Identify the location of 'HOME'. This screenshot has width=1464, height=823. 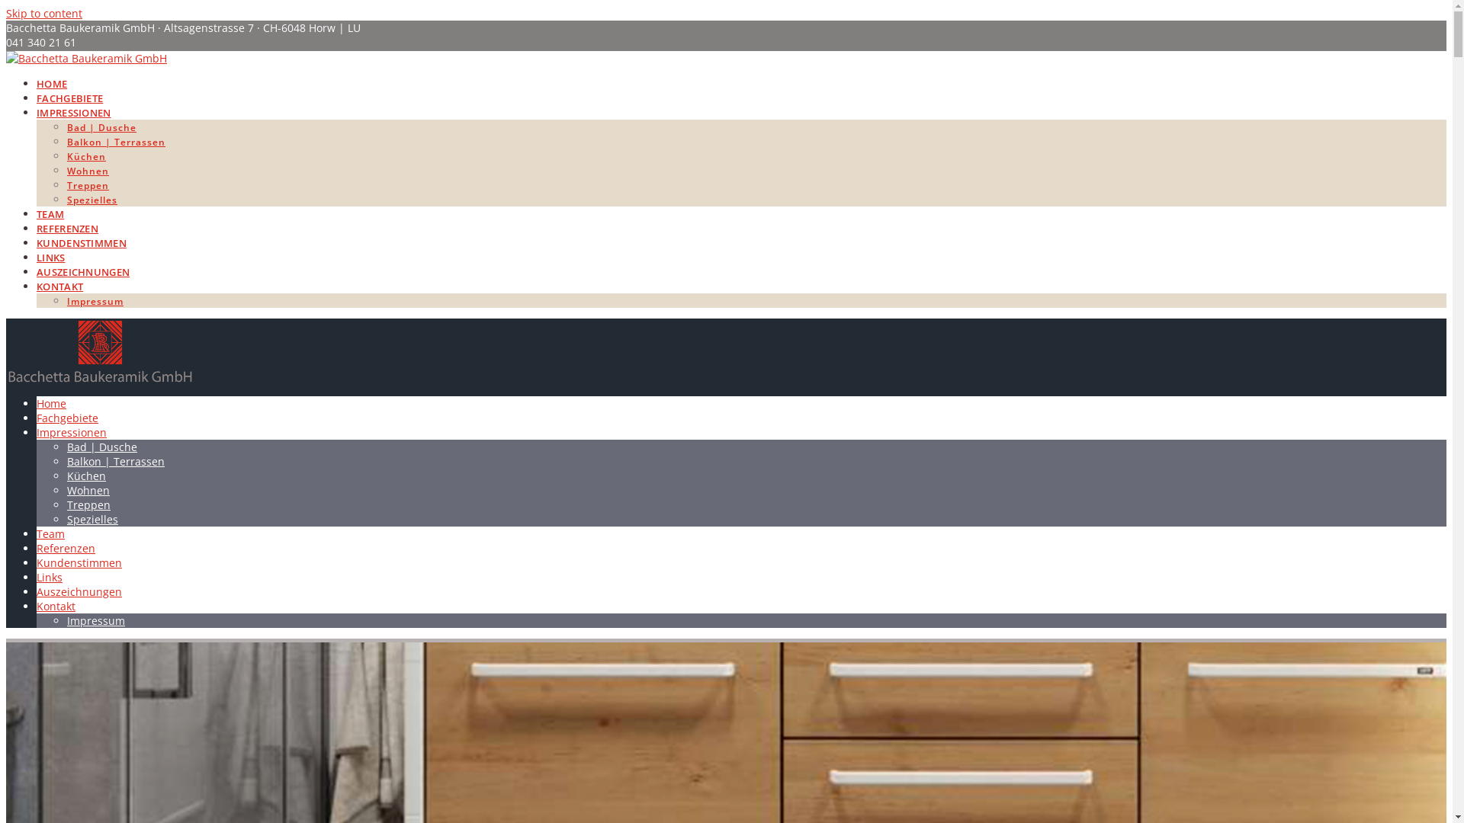
(51, 84).